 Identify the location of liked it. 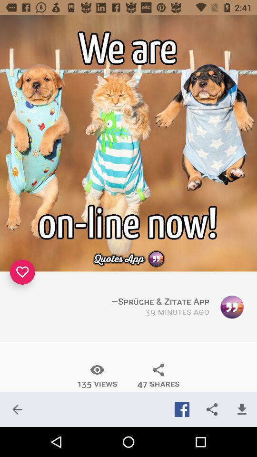
(22, 272).